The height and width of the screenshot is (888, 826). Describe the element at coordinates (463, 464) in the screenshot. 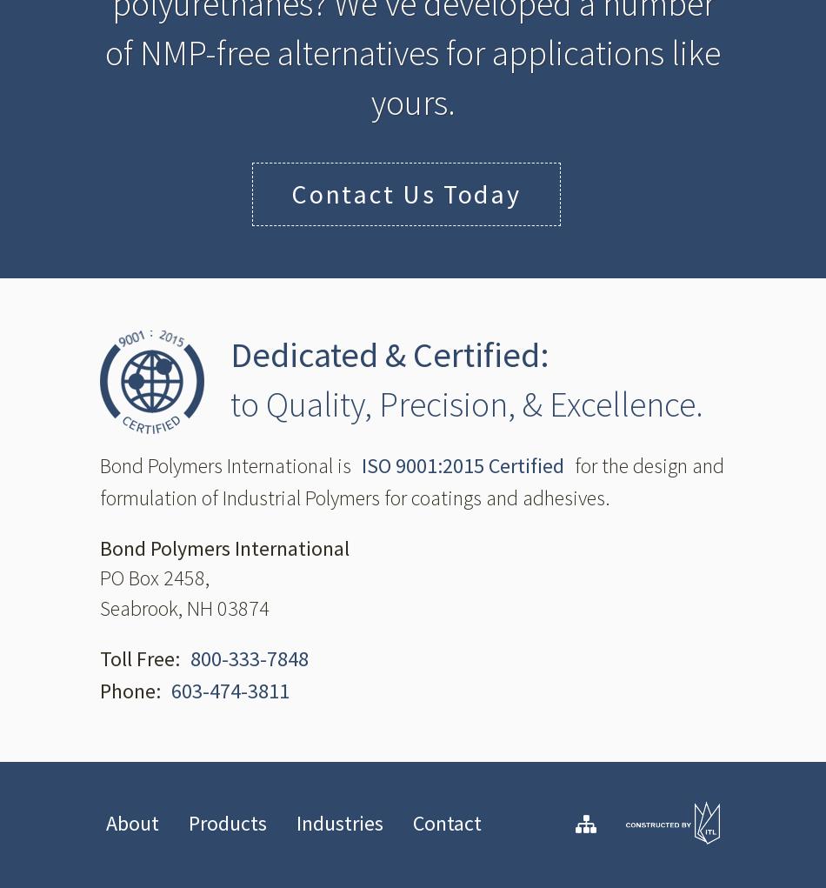

I see `'ISO 9001:2015 Certified'` at that location.